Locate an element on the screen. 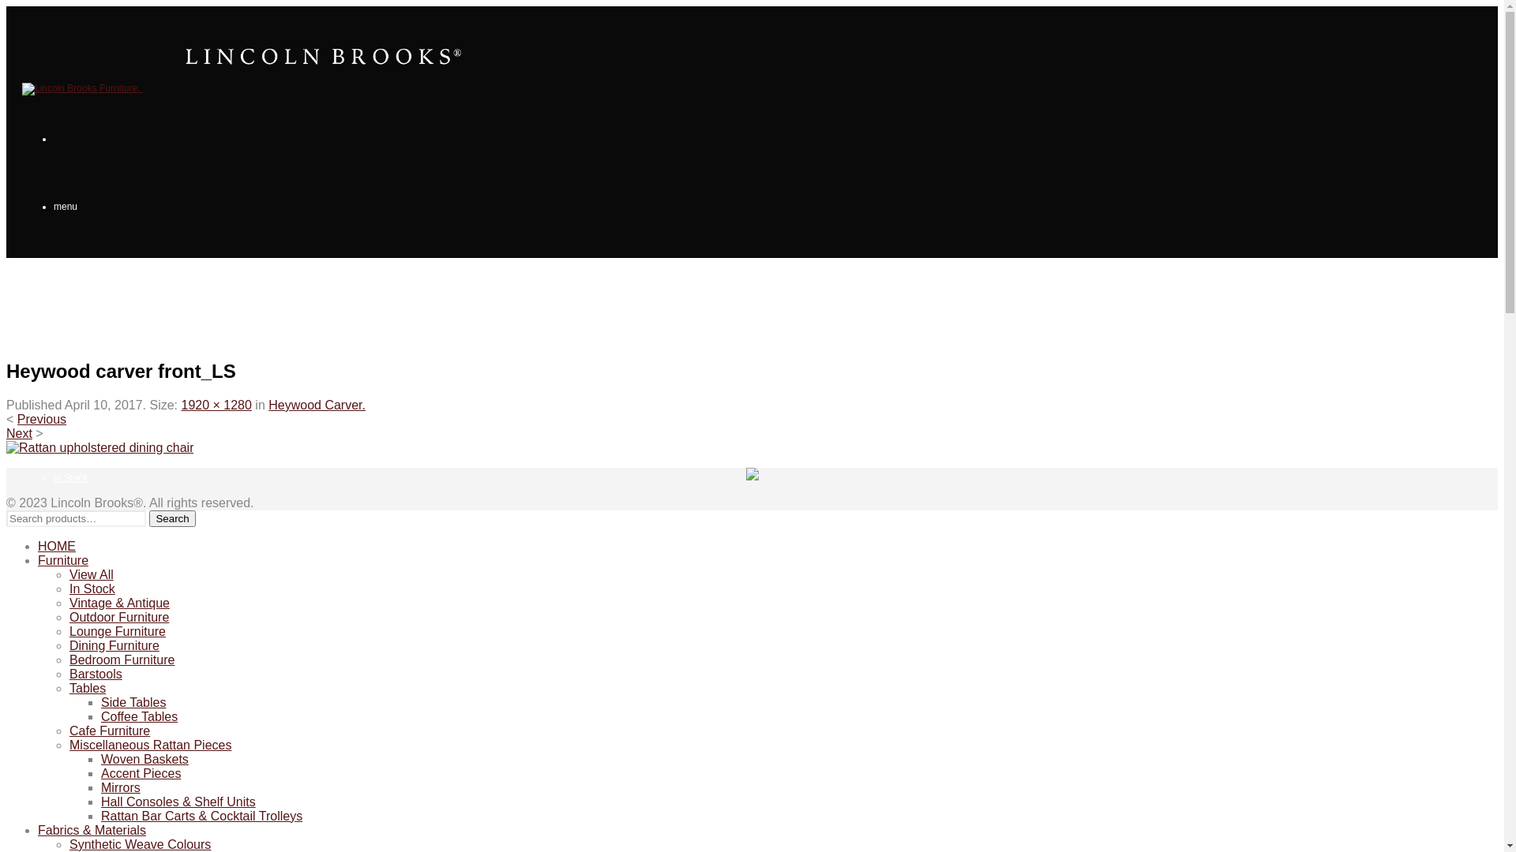 The width and height of the screenshot is (1516, 852). 'Coffee Tables' is located at coordinates (139, 716).